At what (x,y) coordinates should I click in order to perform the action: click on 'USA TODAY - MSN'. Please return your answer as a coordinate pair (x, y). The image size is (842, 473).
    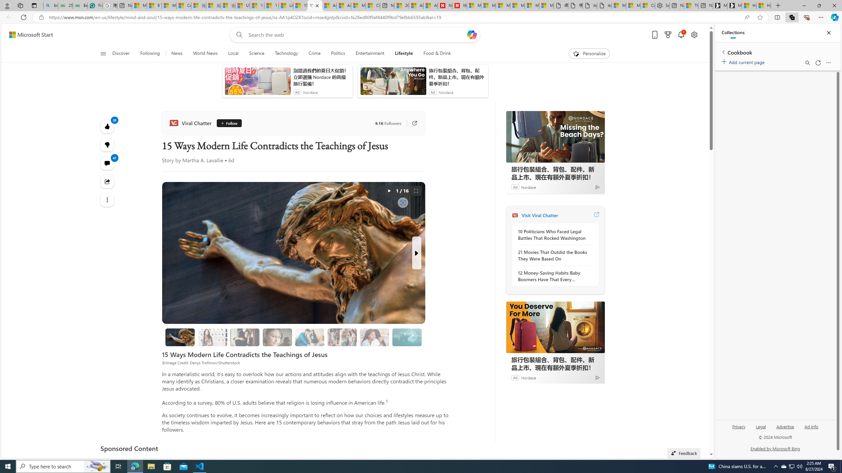
    Looking at the image, I should click on (242, 5).